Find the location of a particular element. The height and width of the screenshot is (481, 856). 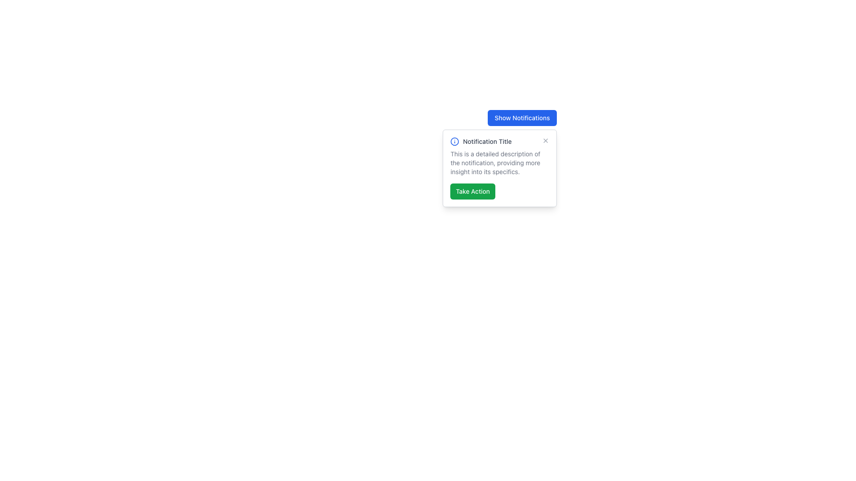

the text block that provides the main content within the white notification card, which is styled with a small grey font and is located beneath the heading 'Notification Title' and above the green 'Take Action' button is located at coordinates (500, 163).